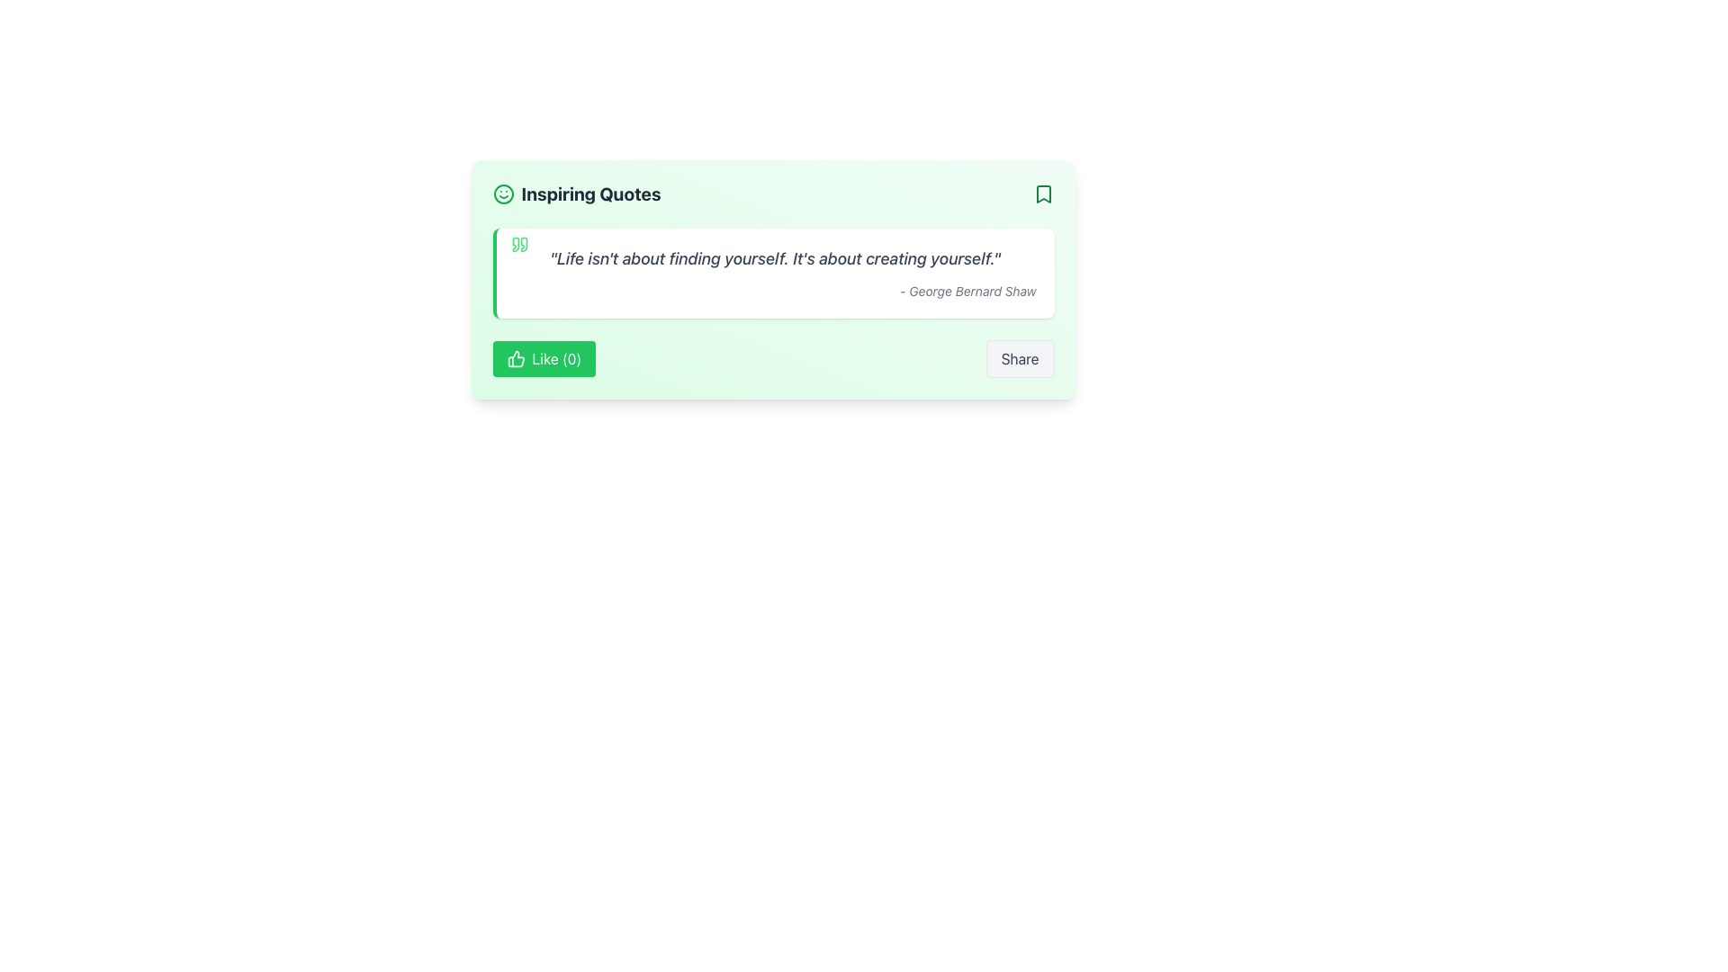  What do you see at coordinates (1043, 194) in the screenshot?
I see `the bookmark icon` at bounding box center [1043, 194].